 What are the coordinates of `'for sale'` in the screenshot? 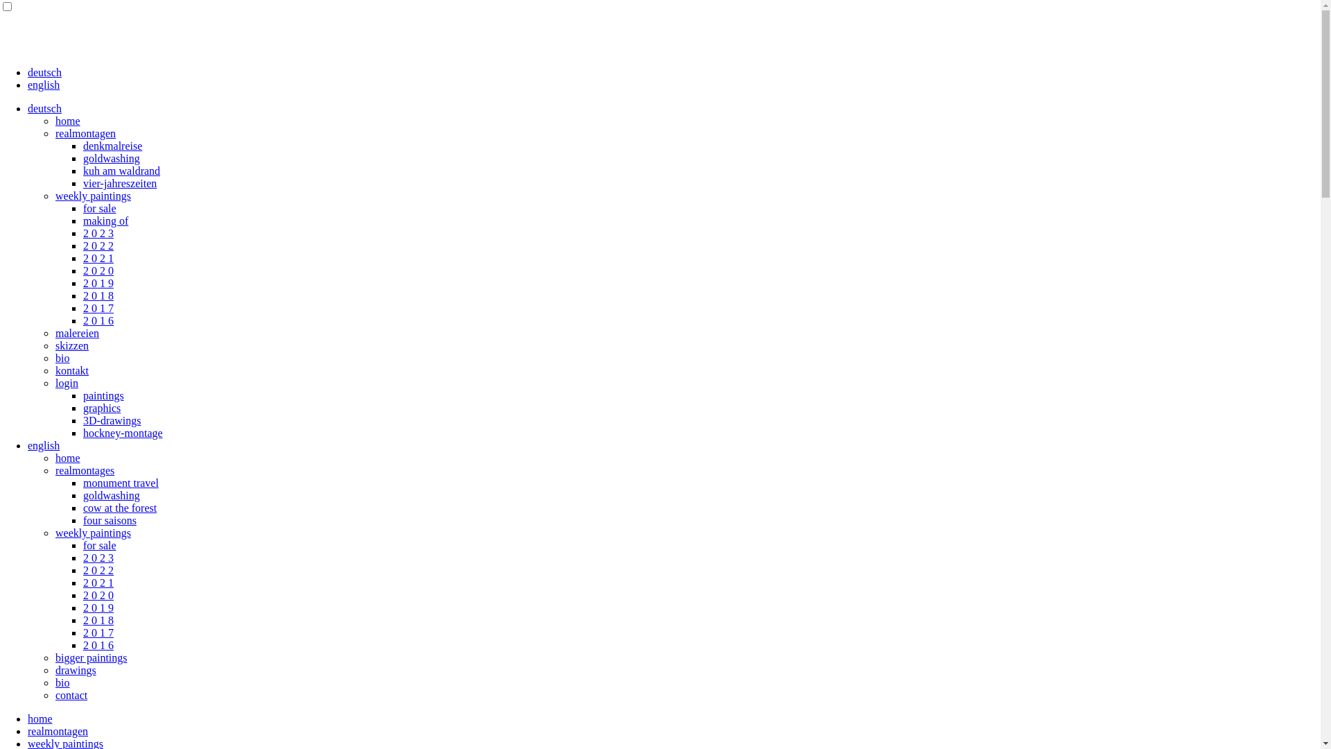 It's located at (82, 208).